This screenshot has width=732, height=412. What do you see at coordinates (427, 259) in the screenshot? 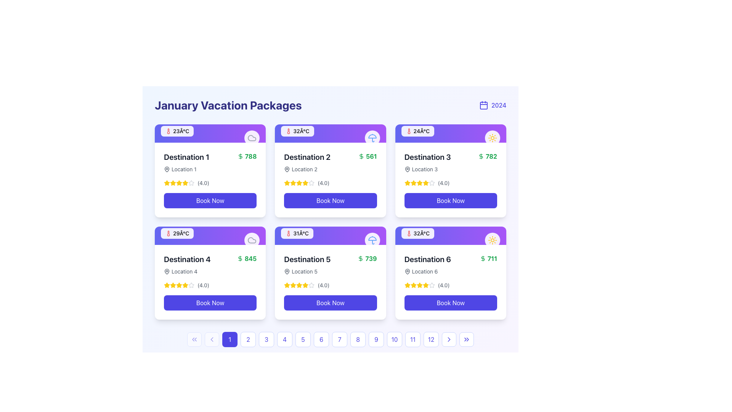
I see `the text label displaying 'Destination 6' which is a prominent dark gray text in bold typeface located in the lower-right card of a 2x3 grid layout` at bounding box center [427, 259].